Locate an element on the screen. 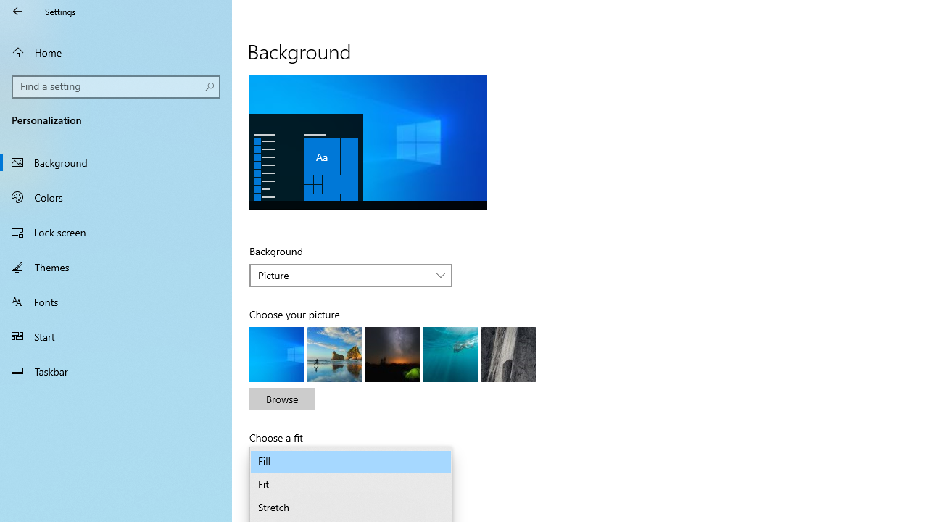 The image size is (928, 522). 'Taskbar' is located at coordinates (116, 370).